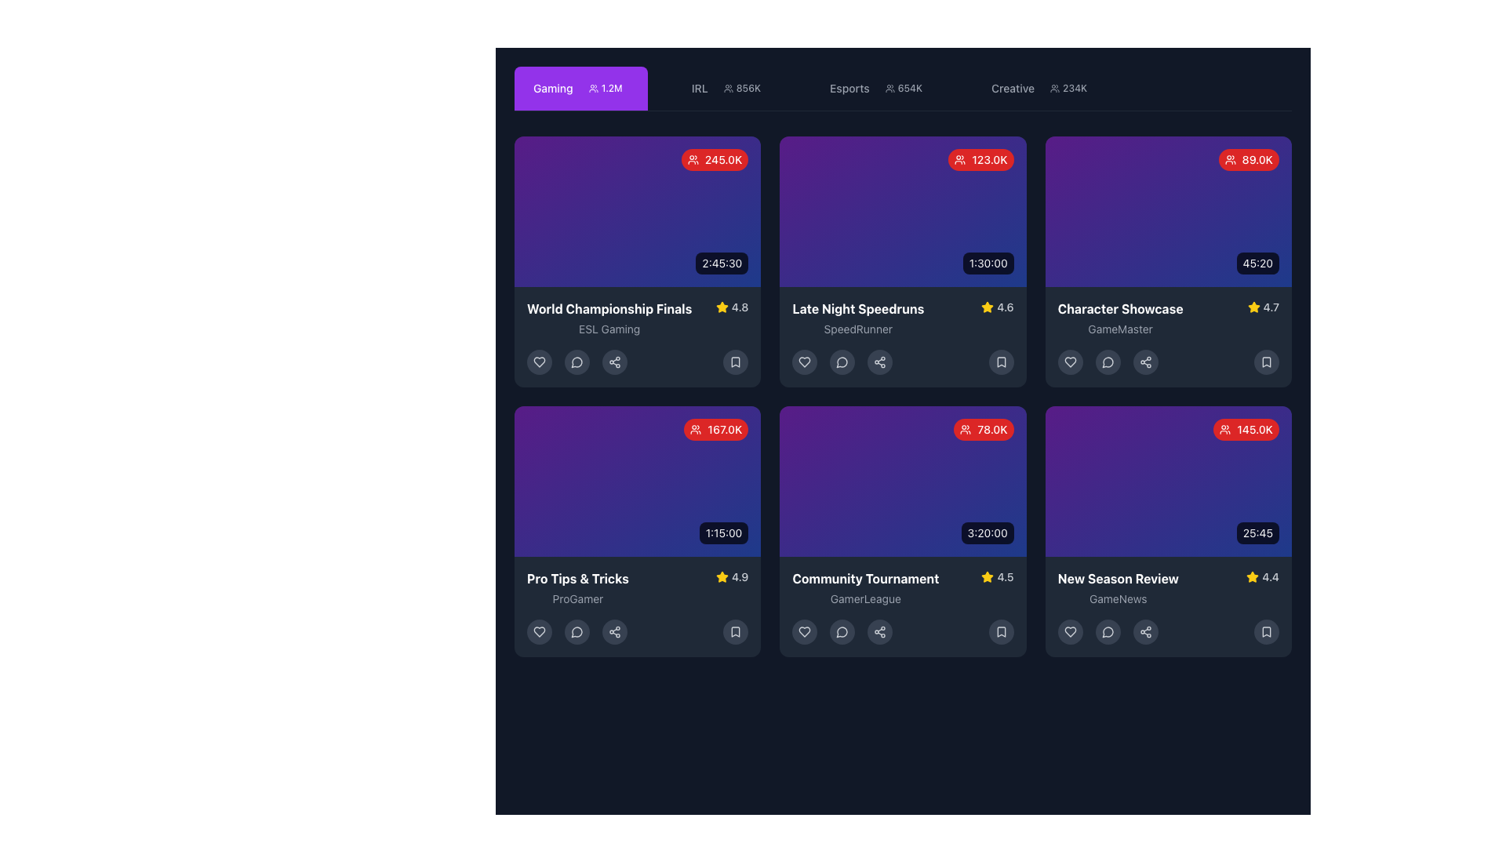  What do you see at coordinates (997, 577) in the screenshot?
I see `the Rating display element, which consists of a yellow star icon and the text '4.5' in gray, located in the bottom right corner of the 'Community Tournament' card` at bounding box center [997, 577].